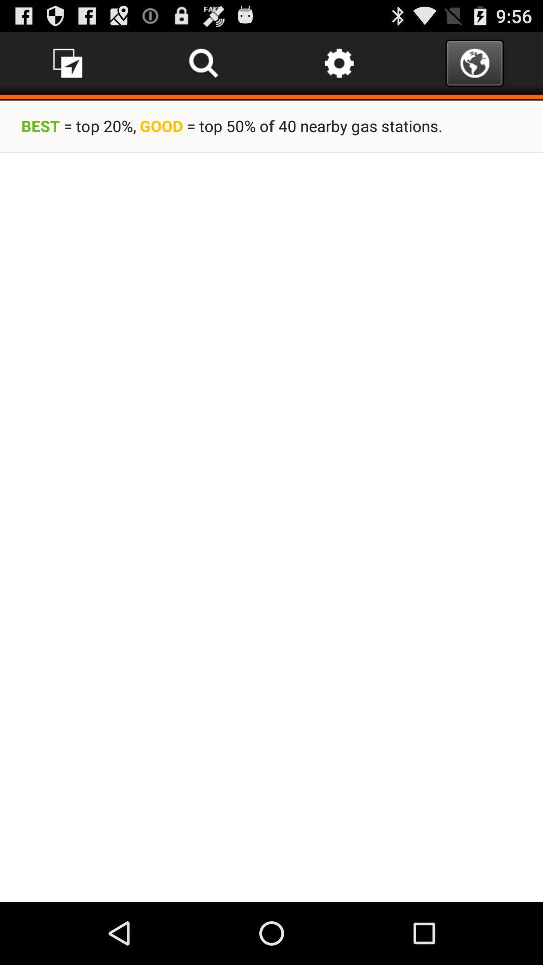  Describe the element at coordinates (68, 67) in the screenshot. I see `the facebook icon` at that location.